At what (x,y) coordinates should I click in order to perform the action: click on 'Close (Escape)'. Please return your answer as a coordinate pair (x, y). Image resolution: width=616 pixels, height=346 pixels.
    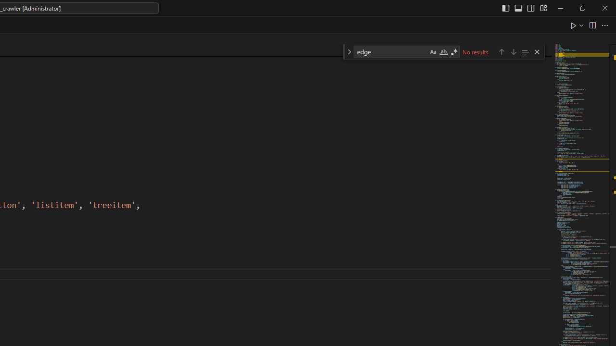
    Looking at the image, I should click on (536, 52).